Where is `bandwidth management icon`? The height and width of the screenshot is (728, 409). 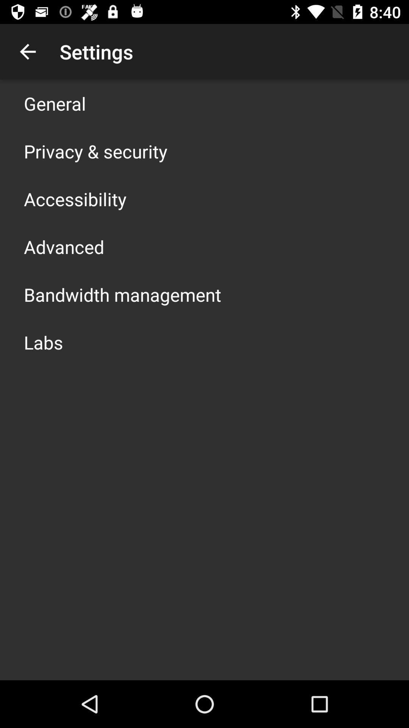
bandwidth management icon is located at coordinates (122, 294).